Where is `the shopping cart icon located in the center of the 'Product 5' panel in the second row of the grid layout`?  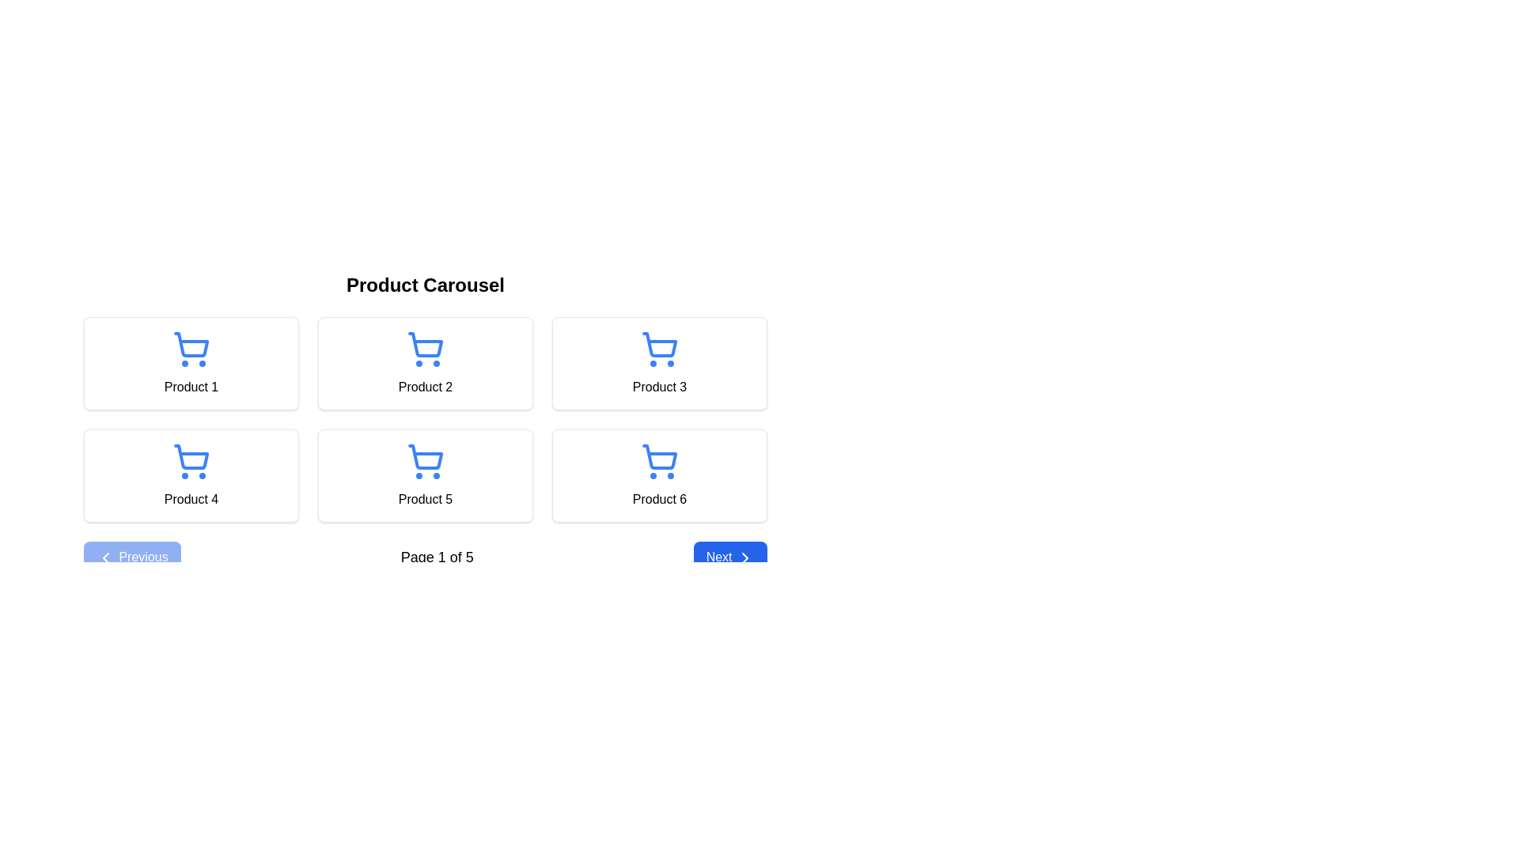
the shopping cart icon located in the center of the 'Product 5' panel in the second row of the grid layout is located at coordinates (425, 461).